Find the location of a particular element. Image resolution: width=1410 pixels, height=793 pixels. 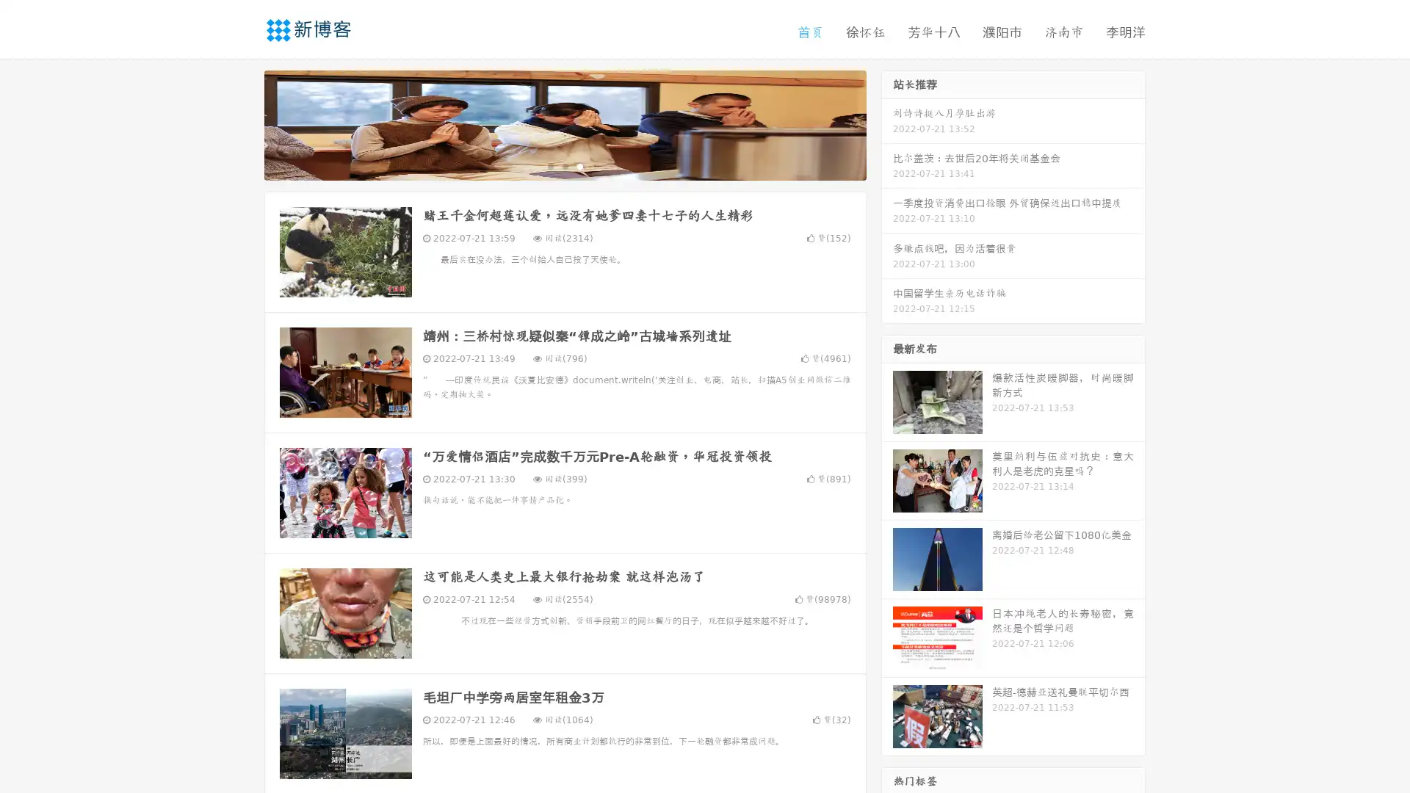

Go to slide 3 is located at coordinates (579, 165).